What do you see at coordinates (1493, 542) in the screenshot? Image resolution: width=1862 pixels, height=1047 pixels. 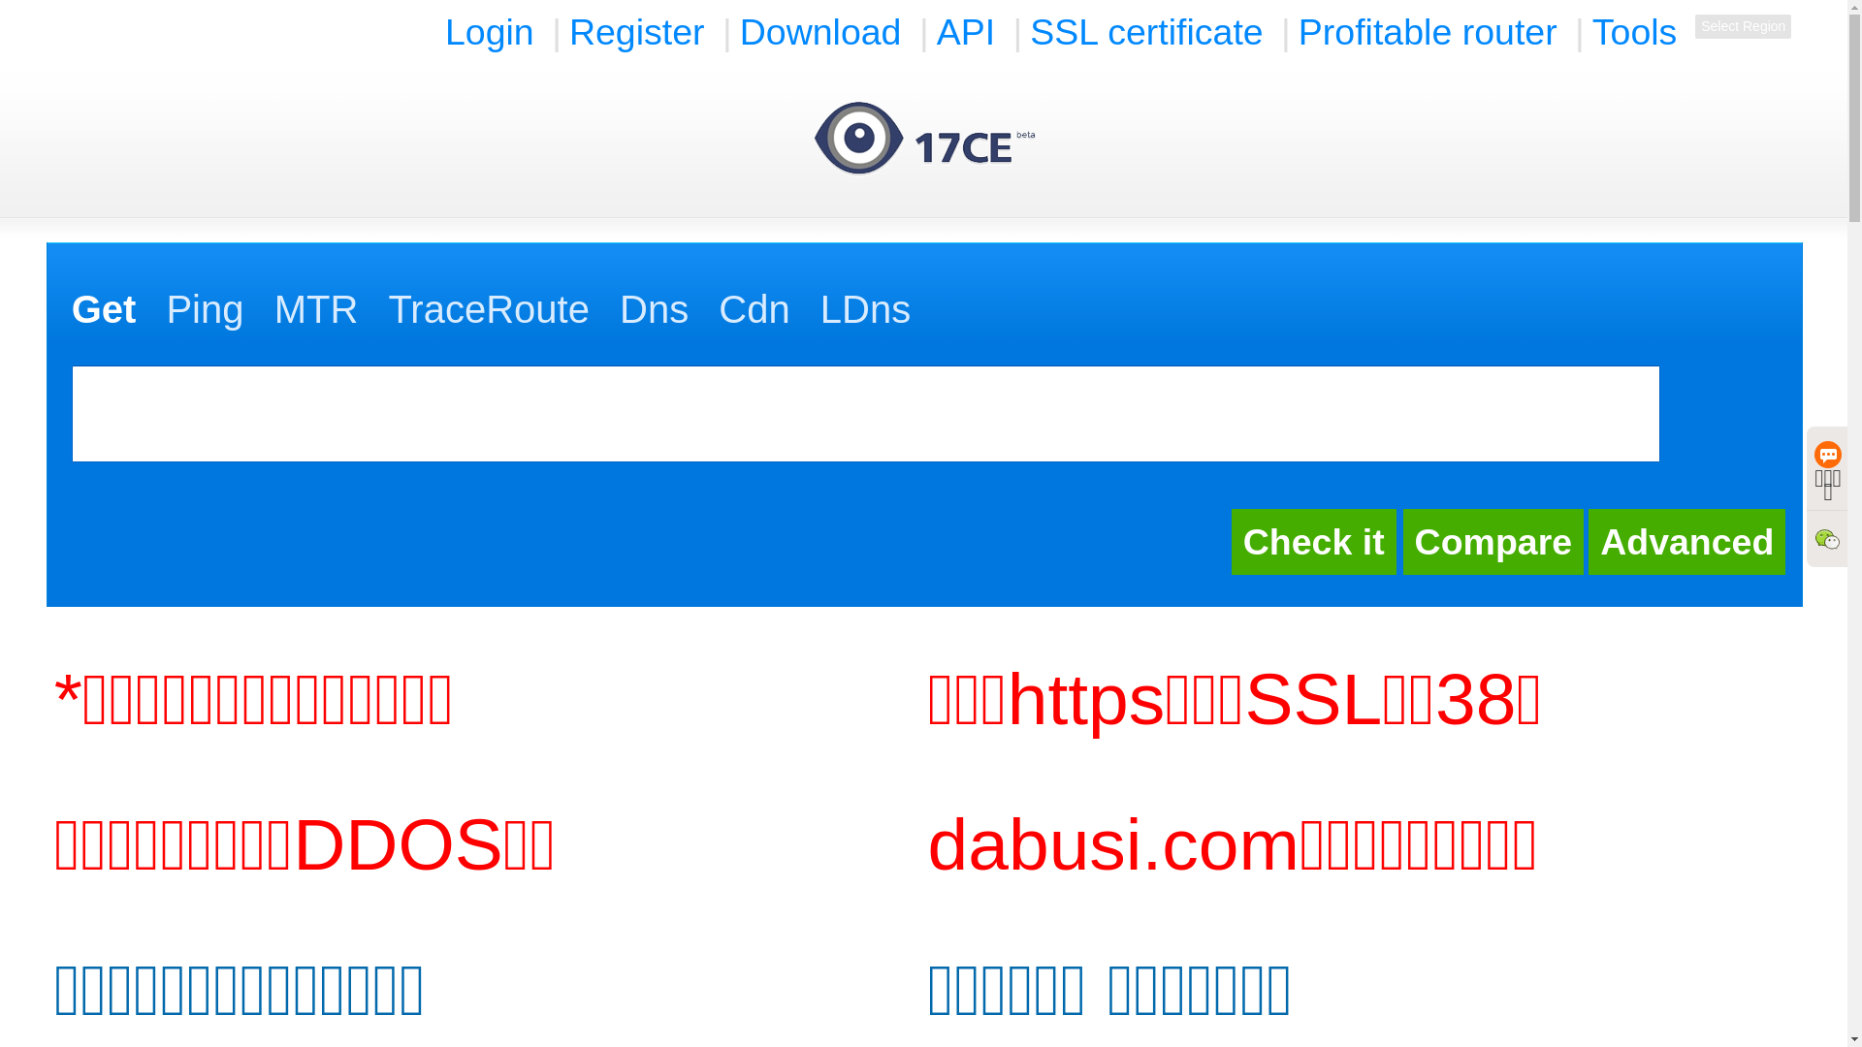 I see `'Compare'` at bounding box center [1493, 542].